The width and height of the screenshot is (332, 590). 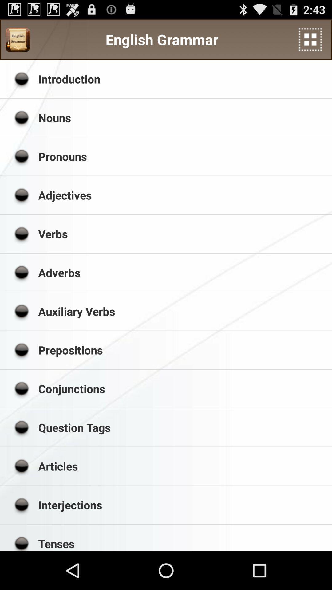 I want to click on the conjunctions item, so click(x=183, y=388).